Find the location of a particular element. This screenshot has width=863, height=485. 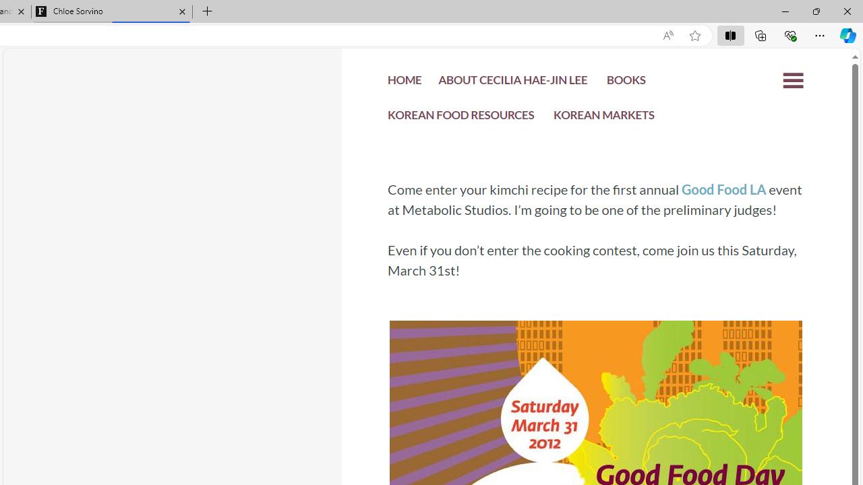

'HOME' is located at coordinates (404, 84).